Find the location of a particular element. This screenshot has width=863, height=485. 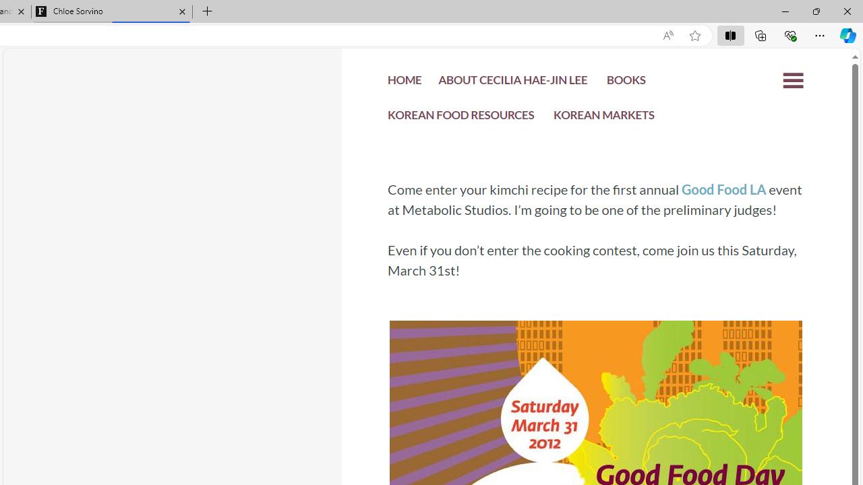

'HOME' is located at coordinates (404, 84).